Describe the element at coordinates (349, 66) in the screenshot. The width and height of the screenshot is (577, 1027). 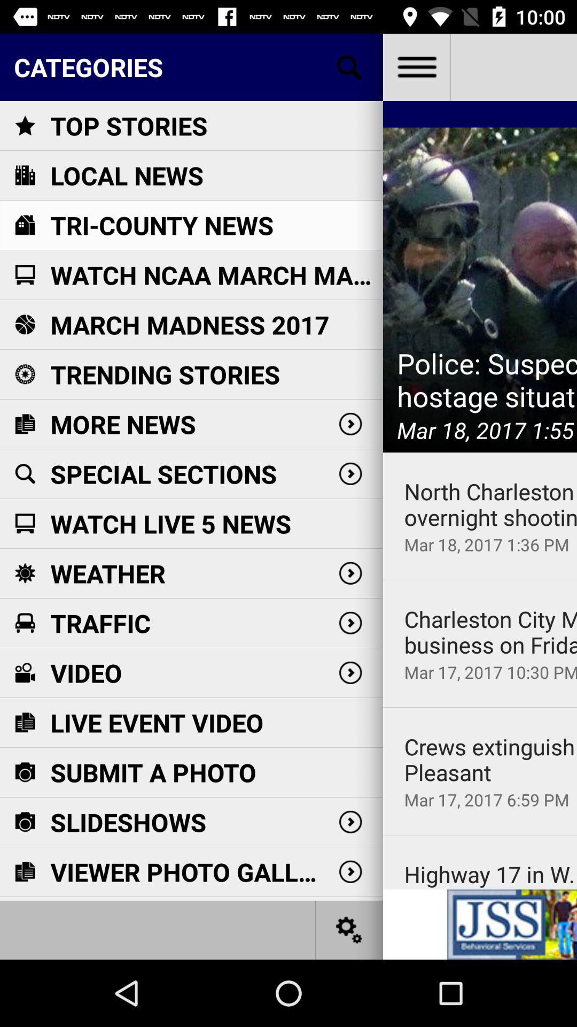
I see `open search bar` at that location.